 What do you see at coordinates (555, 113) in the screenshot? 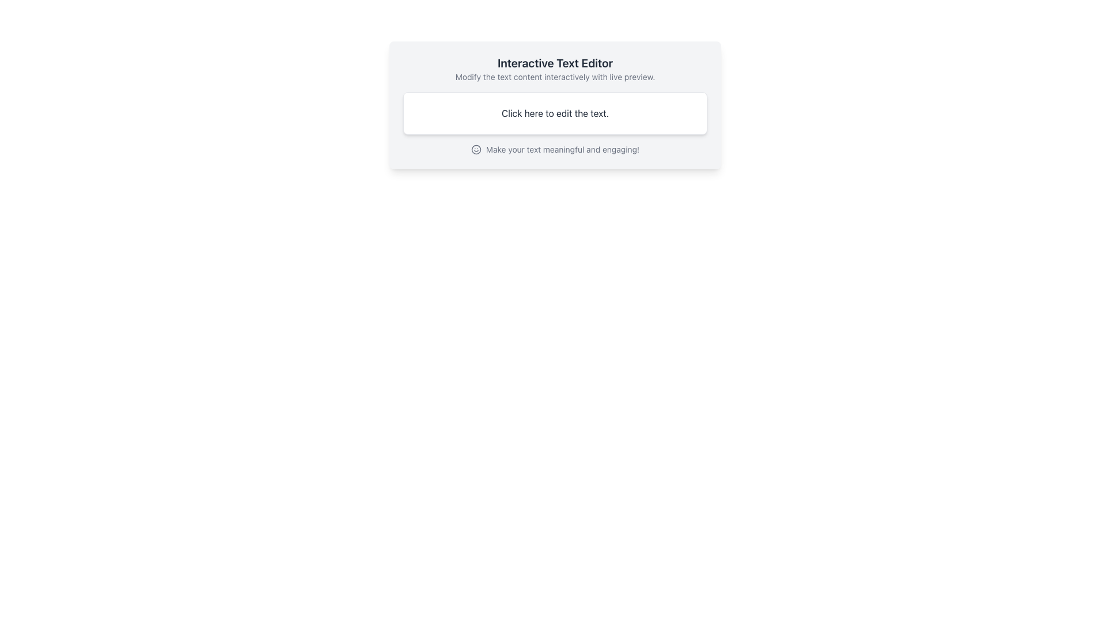
I see `the Text Display Area that has a white background and contains the text 'Click here to edit the text.'` at bounding box center [555, 113].